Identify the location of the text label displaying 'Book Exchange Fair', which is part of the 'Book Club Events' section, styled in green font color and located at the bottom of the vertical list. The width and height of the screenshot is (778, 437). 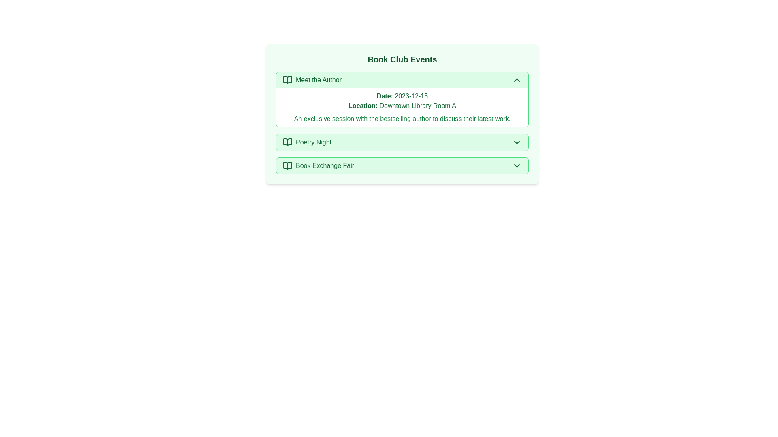
(325, 165).